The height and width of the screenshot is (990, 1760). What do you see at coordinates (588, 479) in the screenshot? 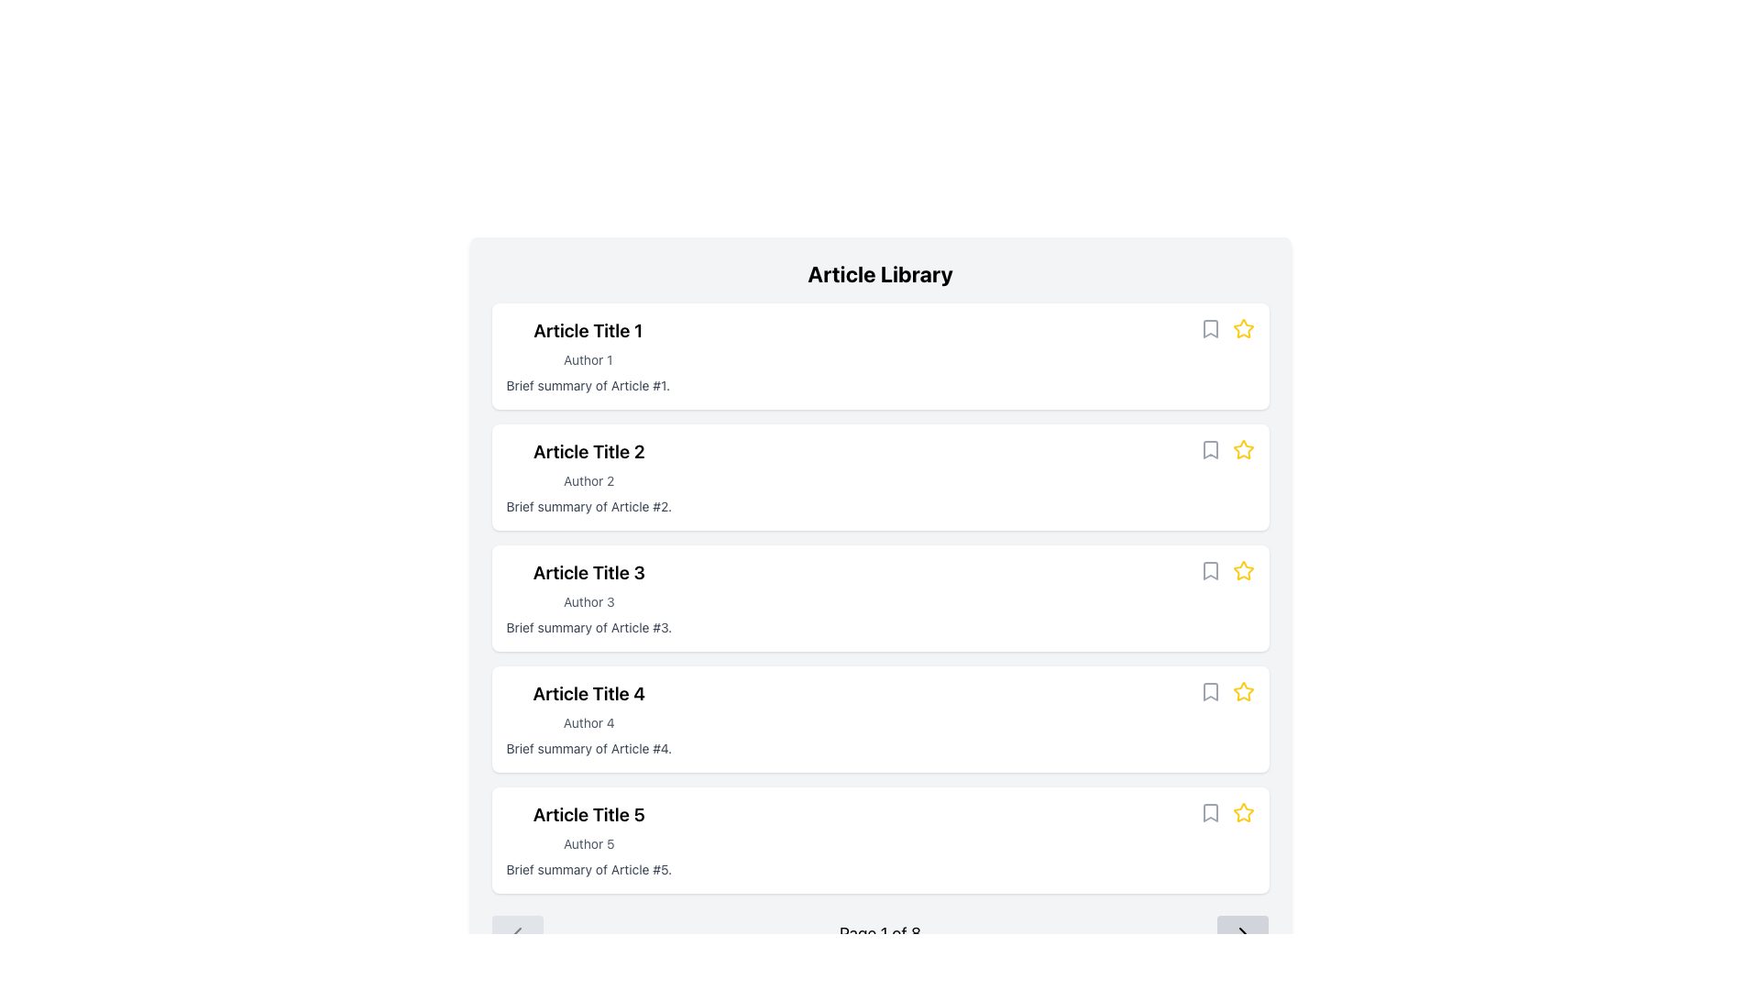
I see `the text label displaying the author of the second article in the list, located below 'Article Title 2' and above the summary 'Brief summary of Article #2'` at bounding box center [588, 479].